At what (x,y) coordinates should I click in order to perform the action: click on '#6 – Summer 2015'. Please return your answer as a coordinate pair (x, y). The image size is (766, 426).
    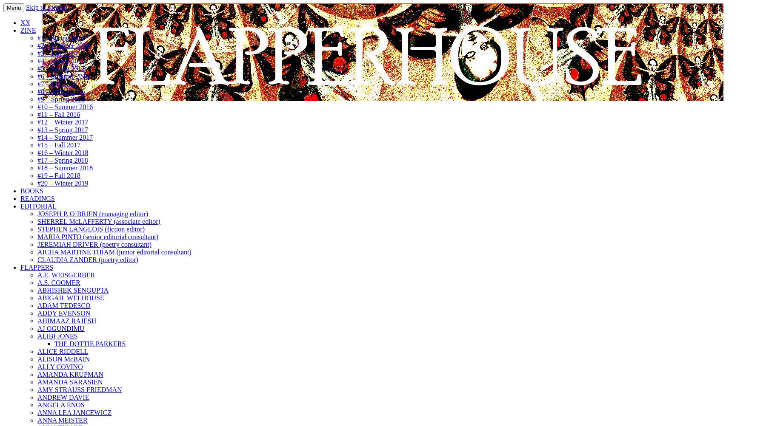
    Looking at the image, I should click on (63, 76).